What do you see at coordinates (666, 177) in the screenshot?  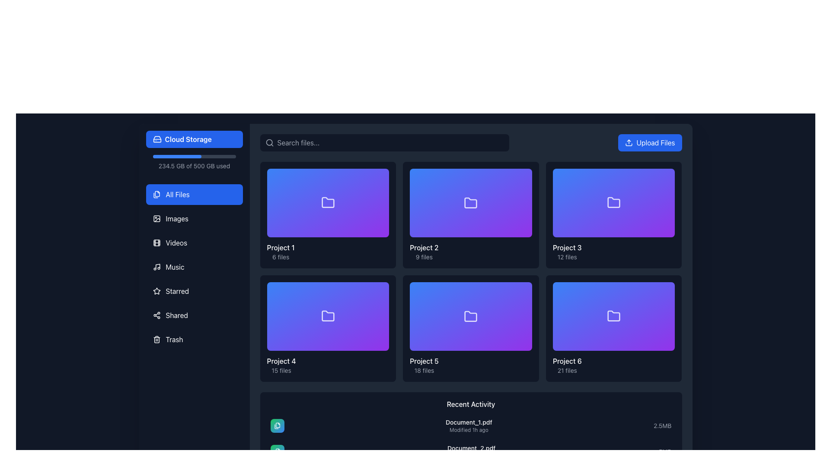 I see `the menu button located in the top-right corner of the 'Project 3' card in the second column of the second row` at bounding box center [666, 177].